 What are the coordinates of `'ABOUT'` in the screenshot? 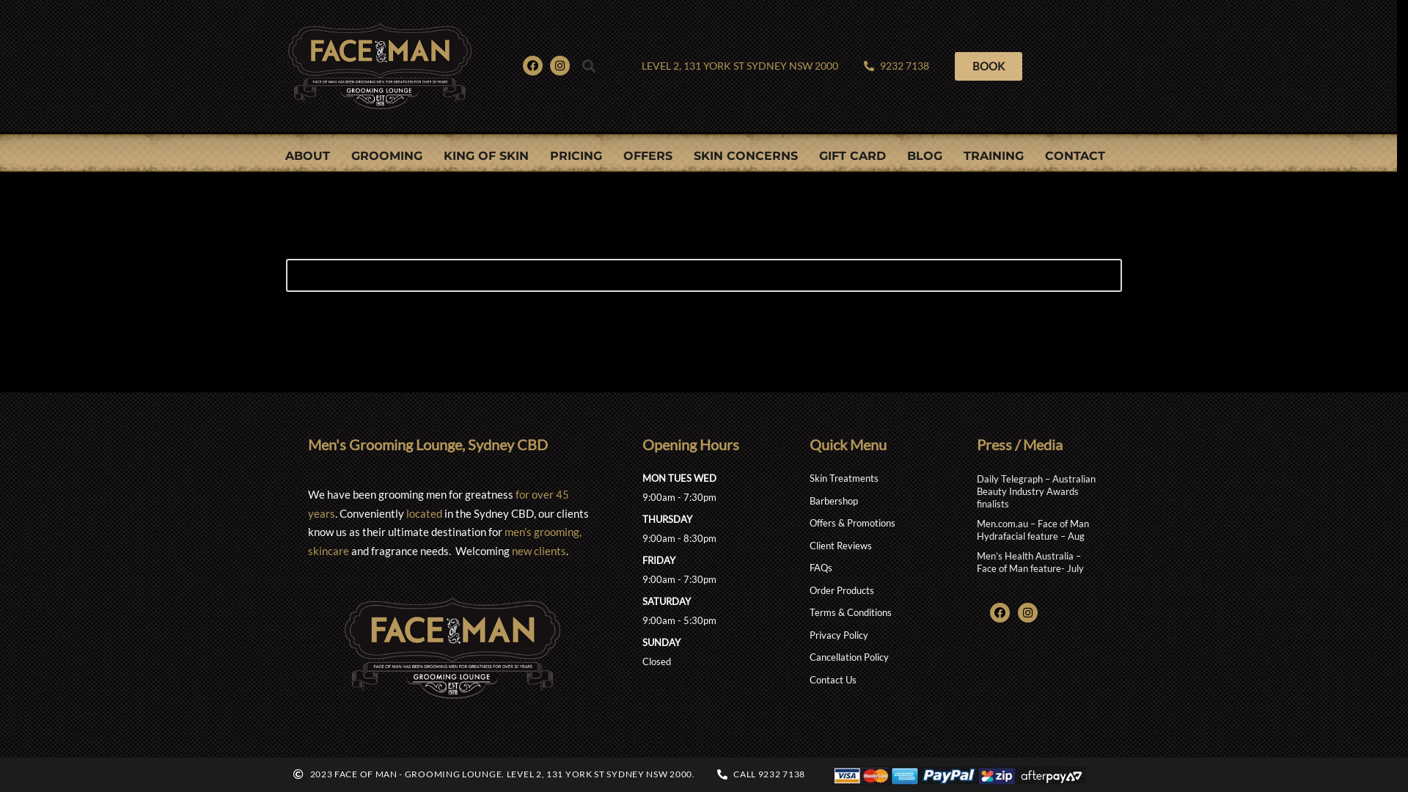 It's located at (306, 155).